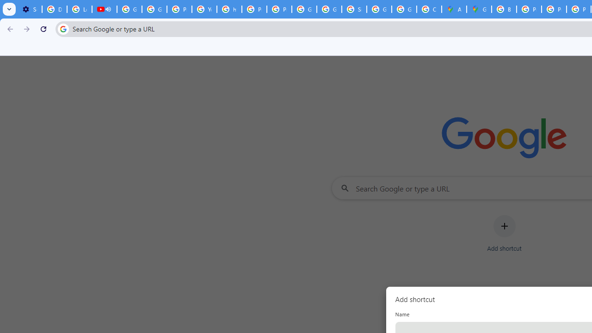  What do you see at coordinates (554, 9) in the screenshot?
I see `'Privacy Help Center - Policies Help'` at bounding box center [554, 9].